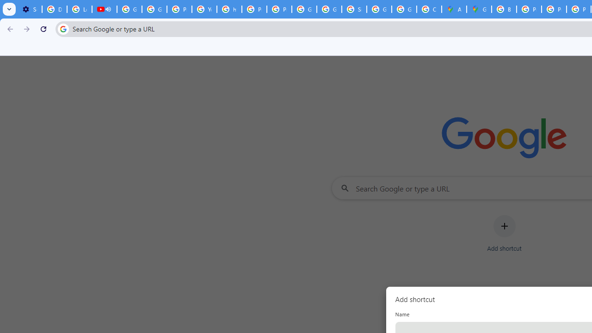  What do you see at coordinates (554, 9) in the screenshot?
I see `'Privacy Help Center - Policies Help'` at bounding box center [554, 9].